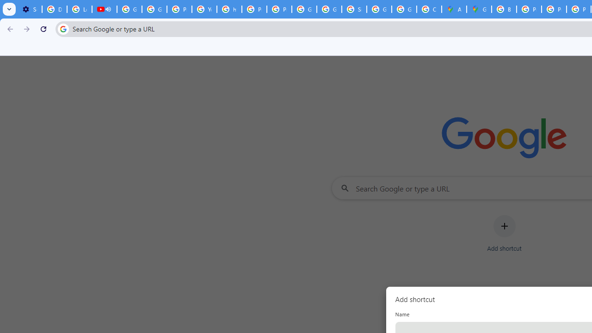  What do you see at coordinates (554, 9) in the screenshot?
I see `'Privacy Help Center - Policies Help'` at bounding box center [554, 9].